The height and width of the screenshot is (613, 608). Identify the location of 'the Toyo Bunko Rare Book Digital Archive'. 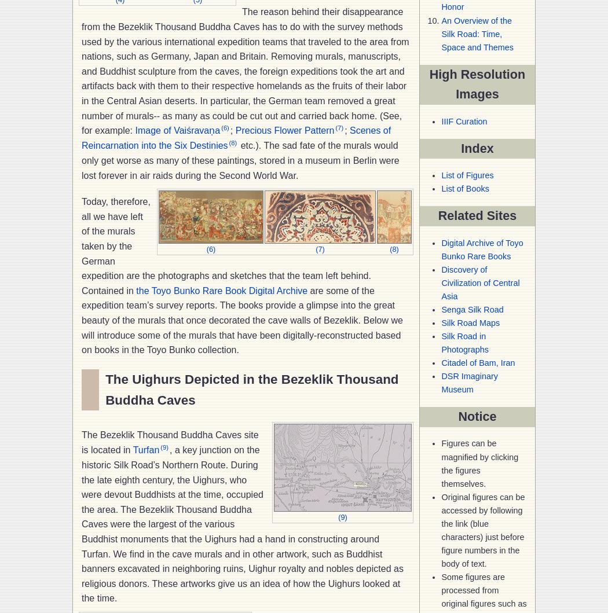
(135, 290).